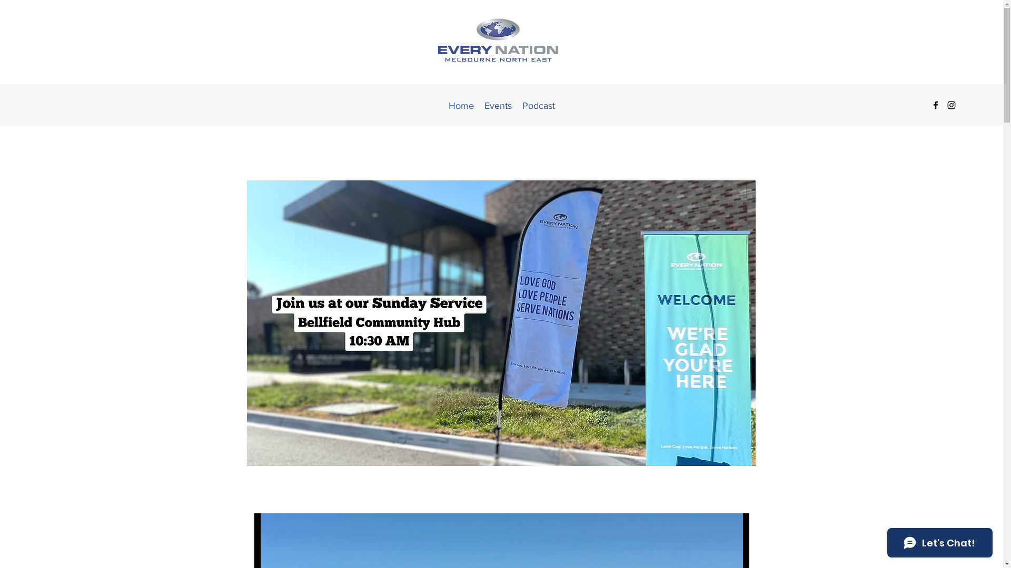  What do you see at coordinates (497, 105) in the screenshot?
I see `'Events'` at bounding box center [497, 105].